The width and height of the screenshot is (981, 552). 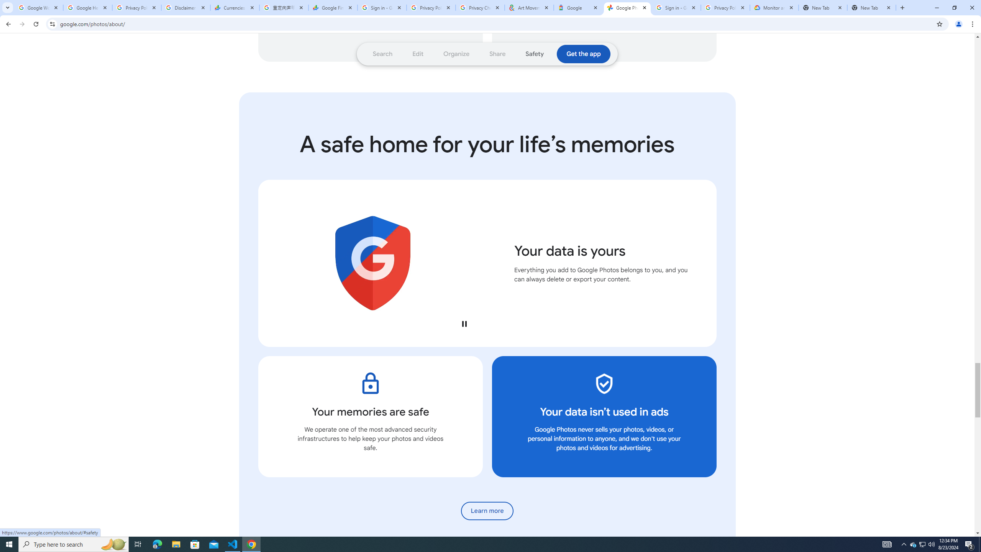 I want to click on 'Privacy Checkup', so click(x=480, y=7).